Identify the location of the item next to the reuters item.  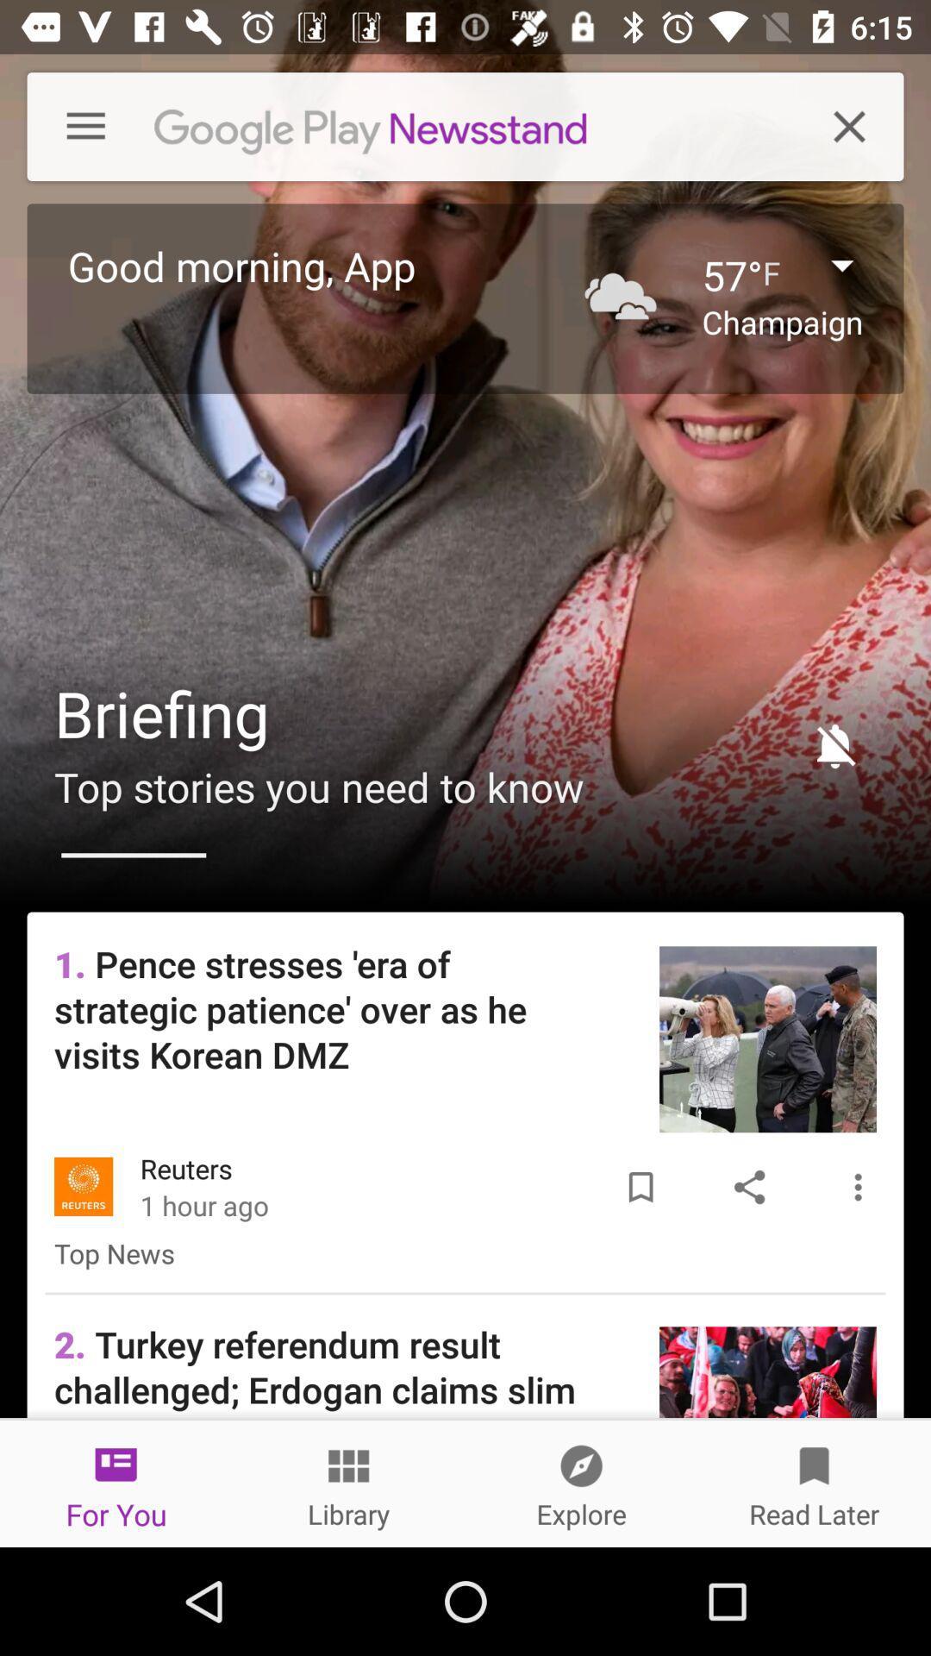
(640, 1186).